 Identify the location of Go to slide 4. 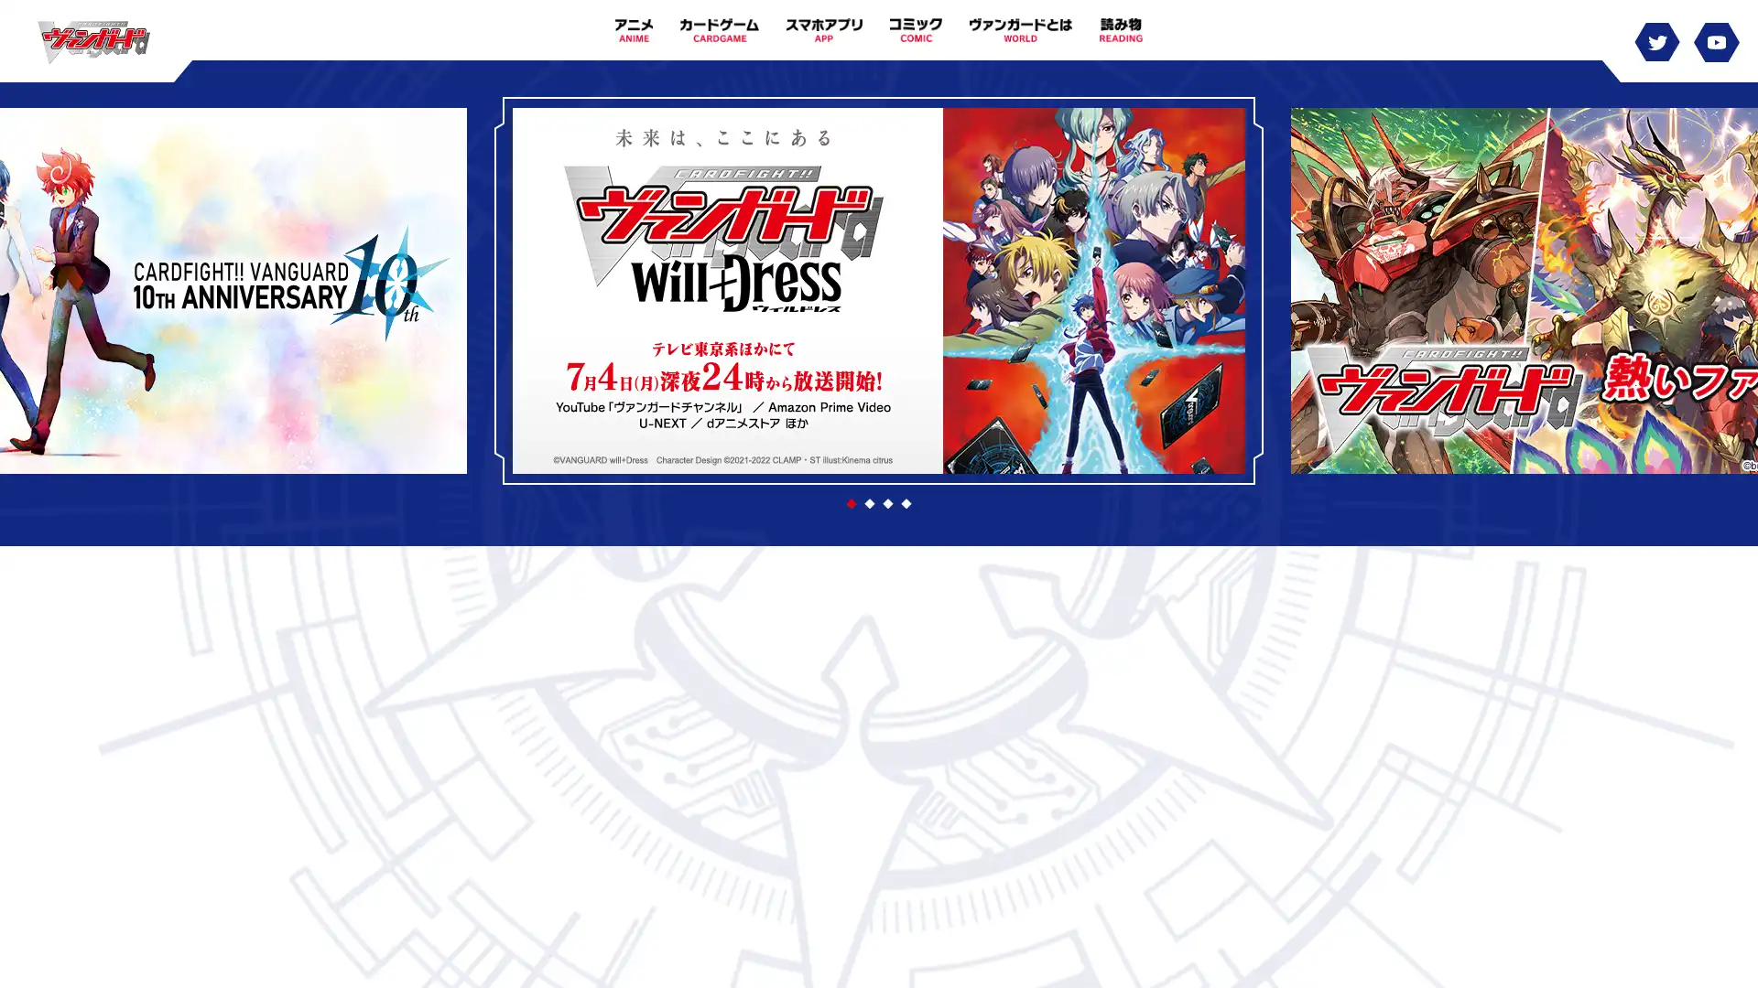
(906, 504).